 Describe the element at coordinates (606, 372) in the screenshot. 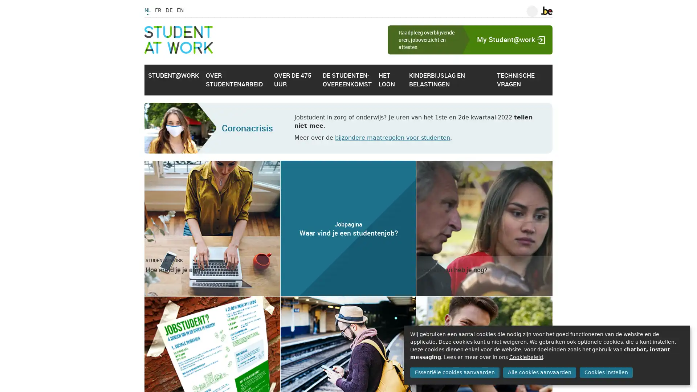

I see `Cookies instellen` at that location.